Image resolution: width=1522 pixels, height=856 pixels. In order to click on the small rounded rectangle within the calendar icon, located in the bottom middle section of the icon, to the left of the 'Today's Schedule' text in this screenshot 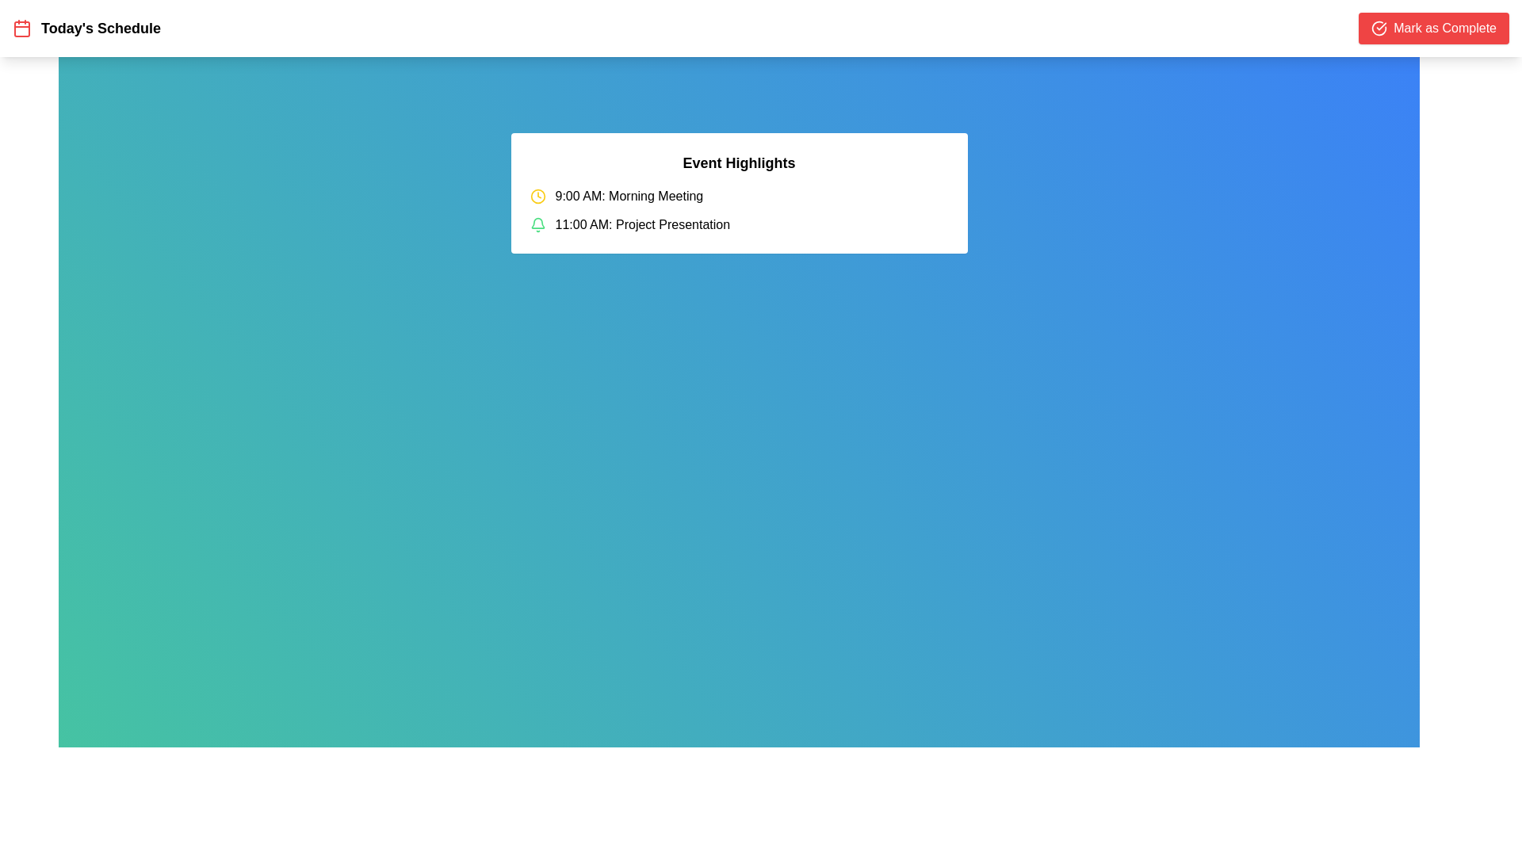, I will do `click(22, 29)`.